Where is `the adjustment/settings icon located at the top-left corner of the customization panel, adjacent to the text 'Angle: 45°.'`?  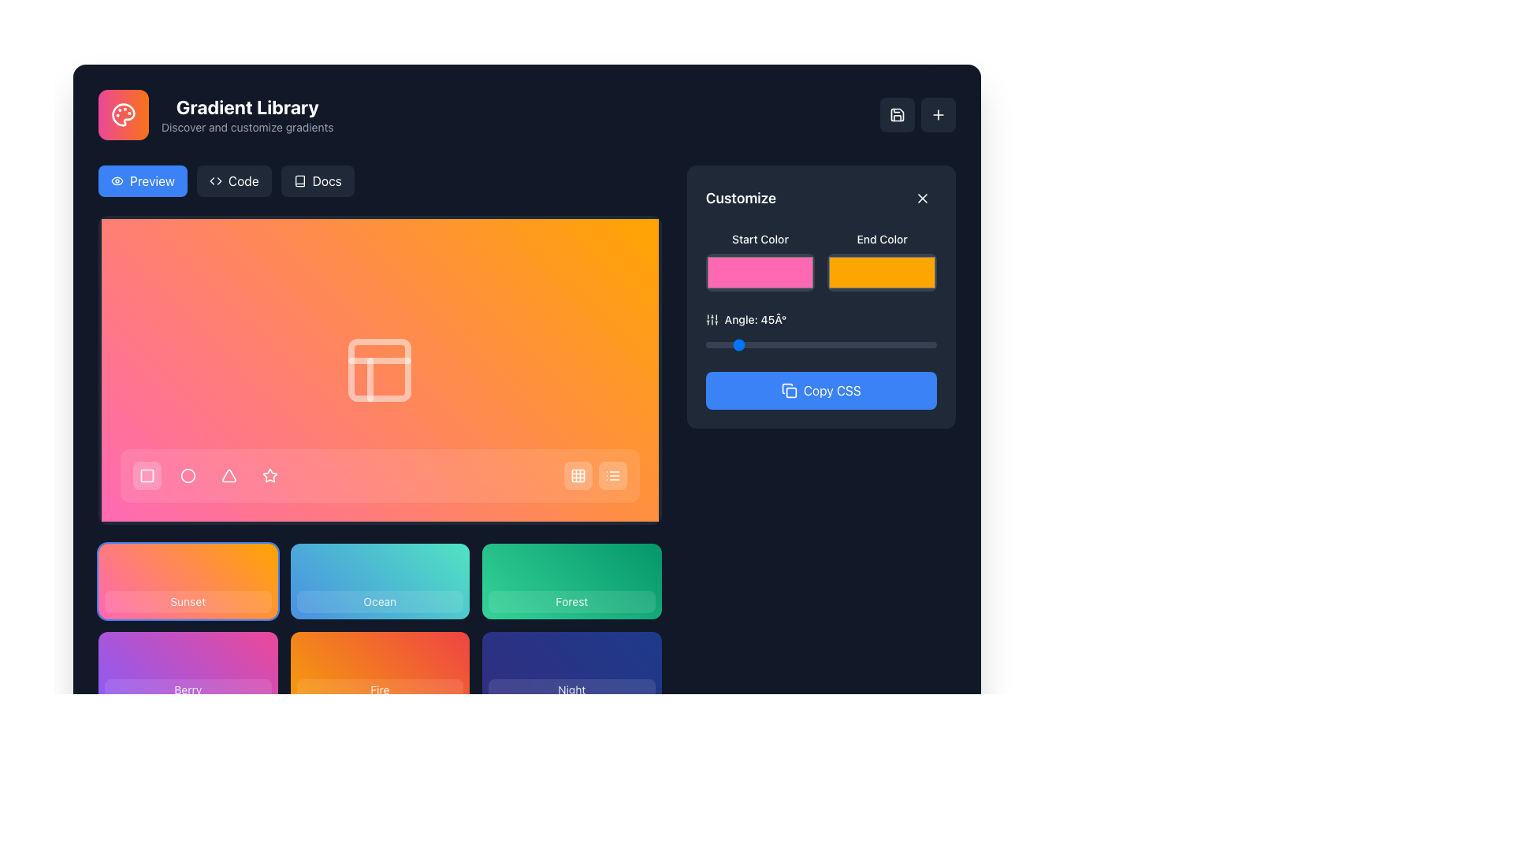
the adjustment/settings icon located at the top-left corner of the customization panel, adjacent to the text 'Angle: 45°.' is located at coordinates (711, 319).